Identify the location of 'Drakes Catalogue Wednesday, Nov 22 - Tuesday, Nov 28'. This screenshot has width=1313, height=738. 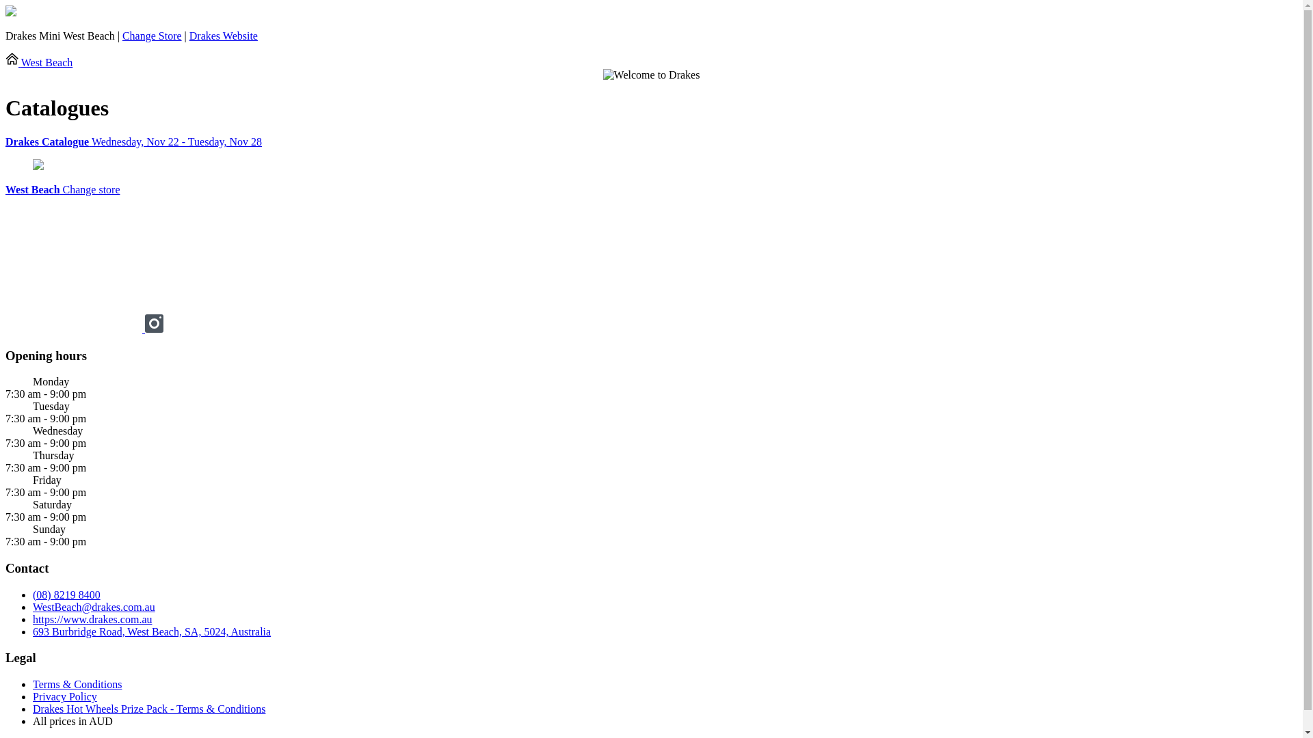
(650, 141).